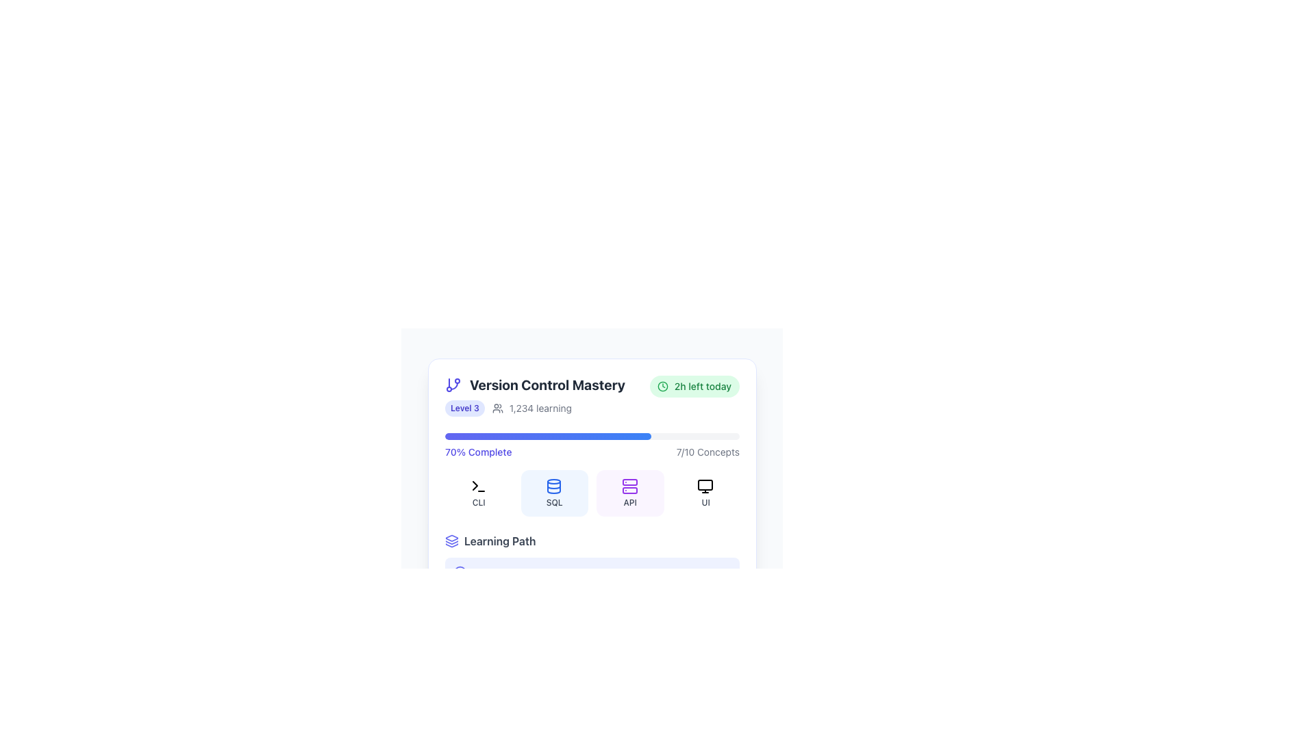 This screenshot has height=739, width=1315. I want to click on the non-interactive Text Label that indicates the progress percentage completion of a task, located at the top-left corner of the progress display, so click(478, 452).